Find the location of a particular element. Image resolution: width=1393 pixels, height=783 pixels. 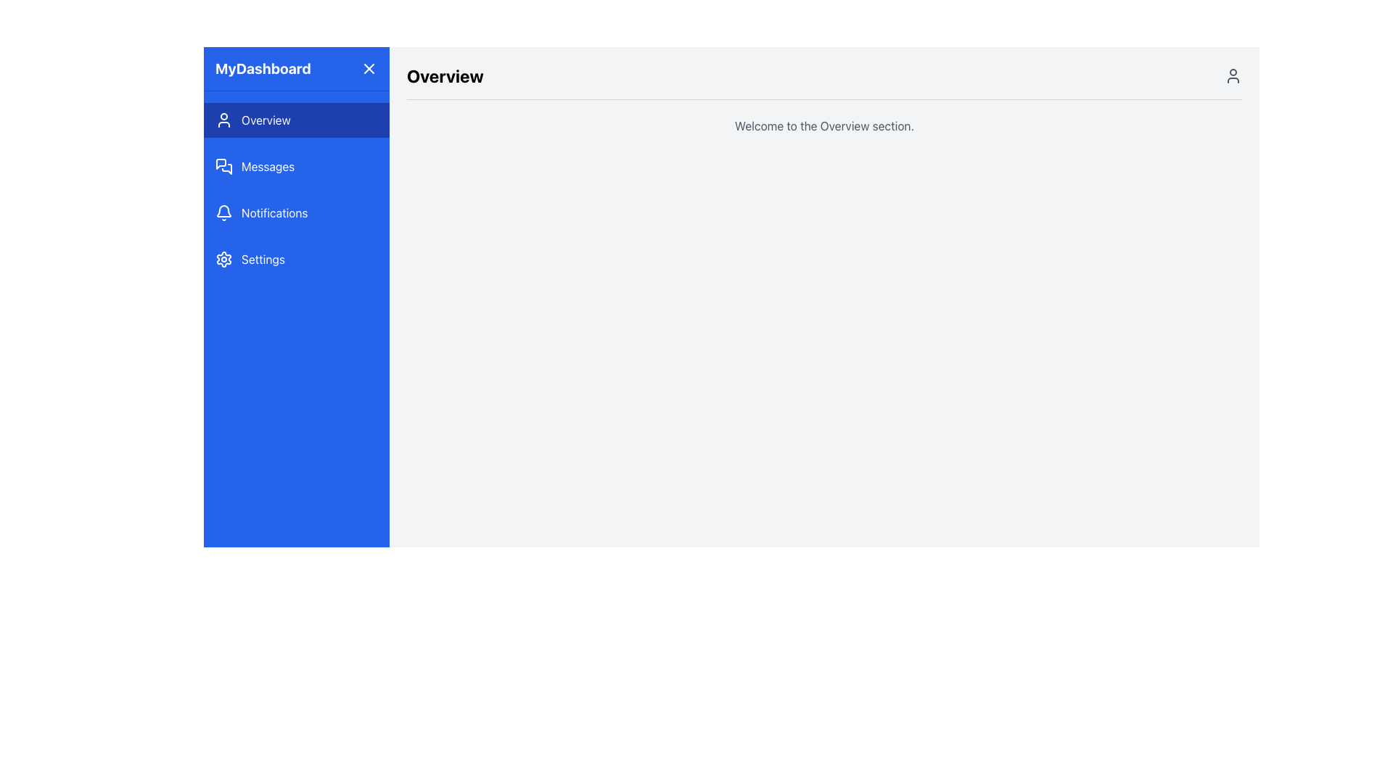

the cogwheel icon in the left navigation bar, which represents the settings menu and is located in the fourth position from the top is located at coordinates (223, 259).